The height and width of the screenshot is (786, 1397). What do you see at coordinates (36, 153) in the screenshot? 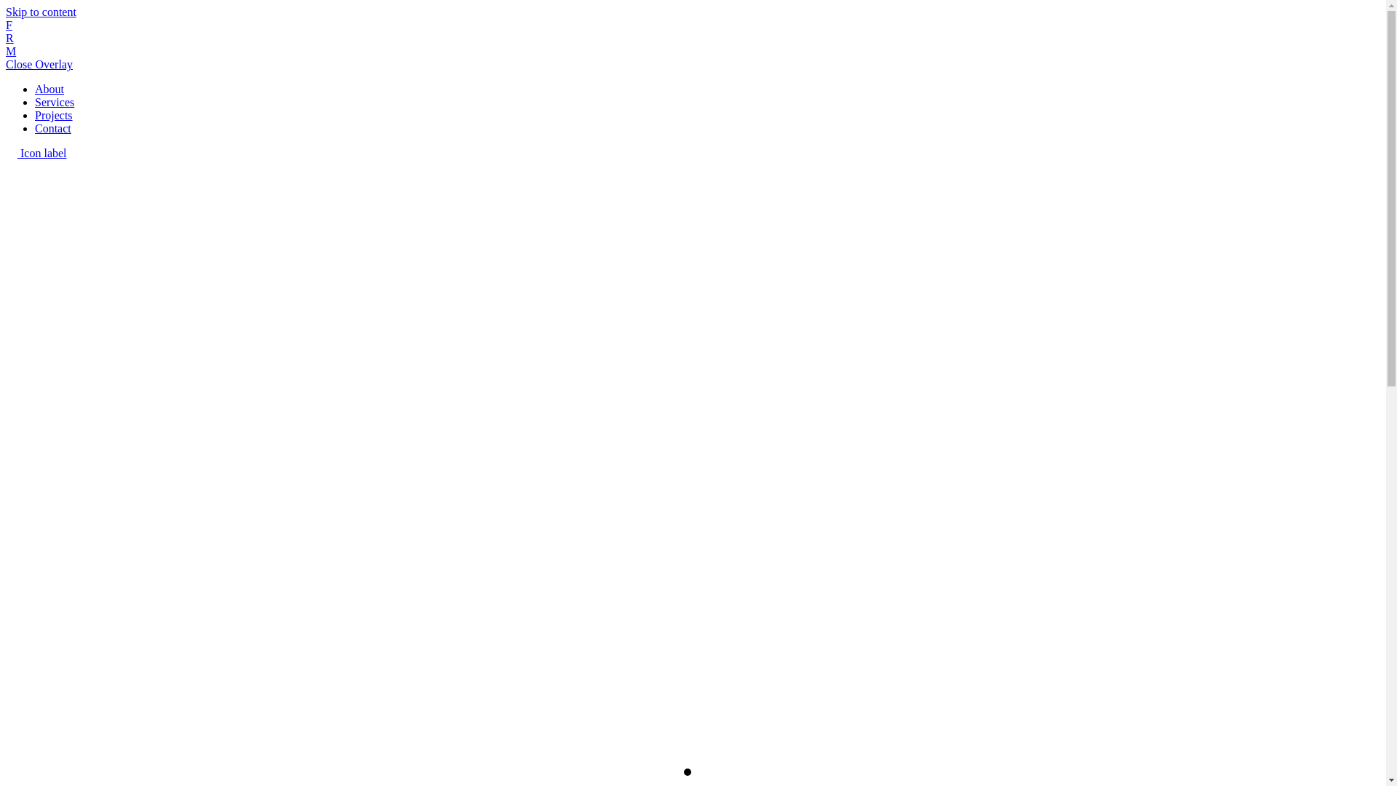
I see `'Icon label'` at bounding box center [36, 153].